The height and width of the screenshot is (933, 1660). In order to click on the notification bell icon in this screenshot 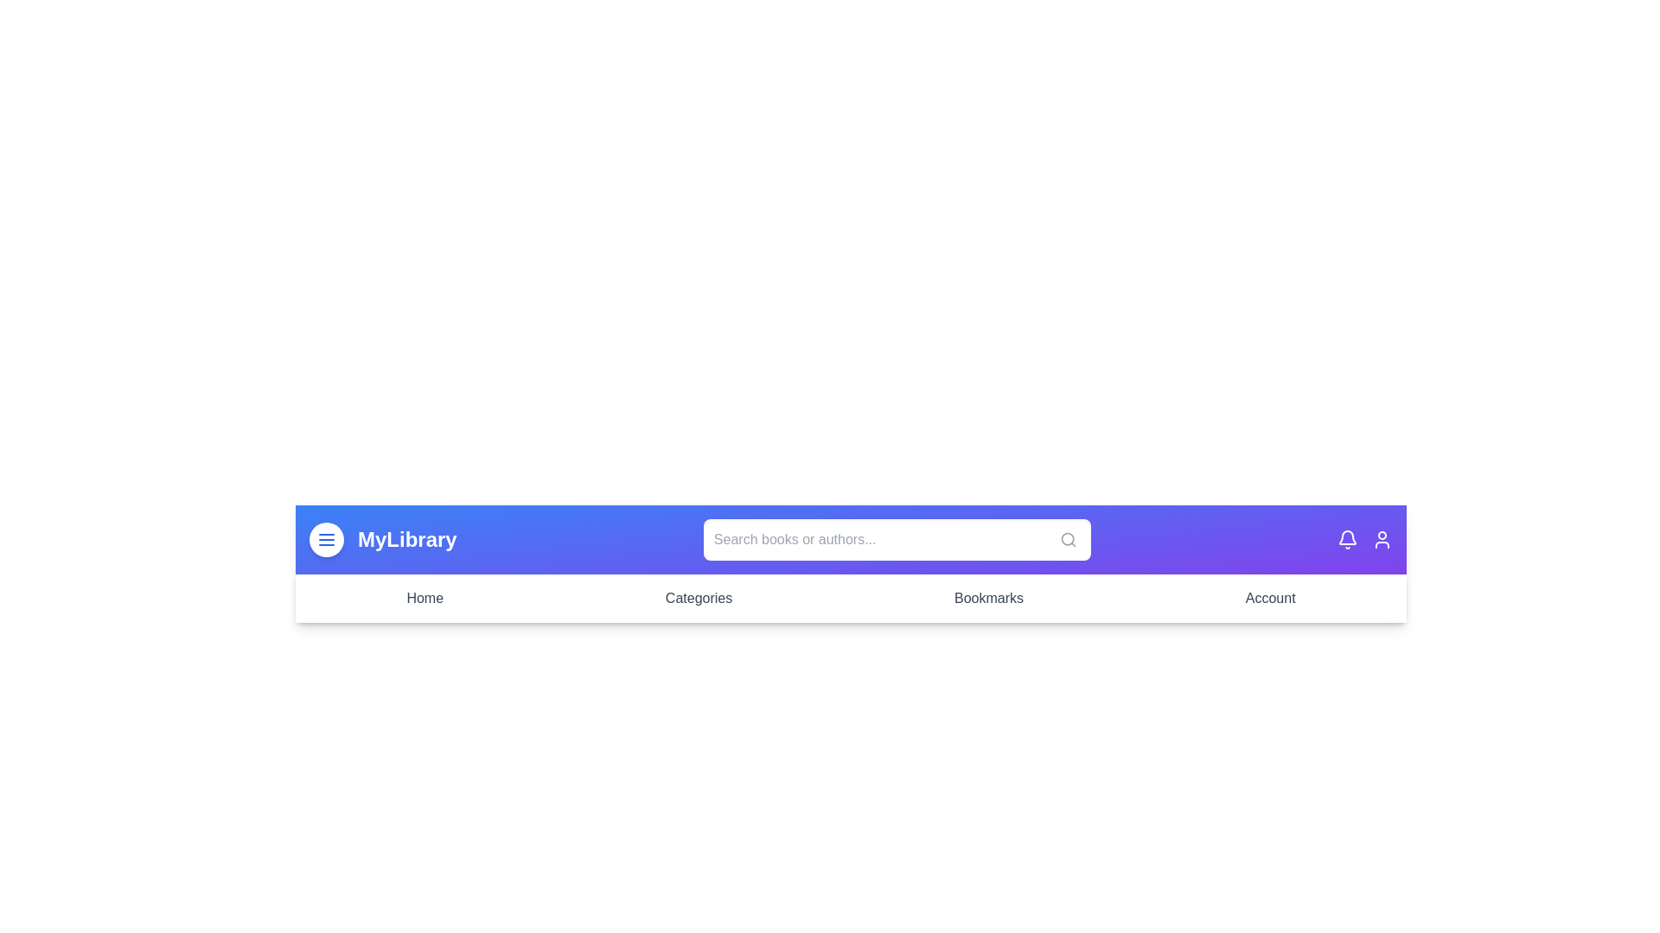, I will do `click(1347, 538)`.